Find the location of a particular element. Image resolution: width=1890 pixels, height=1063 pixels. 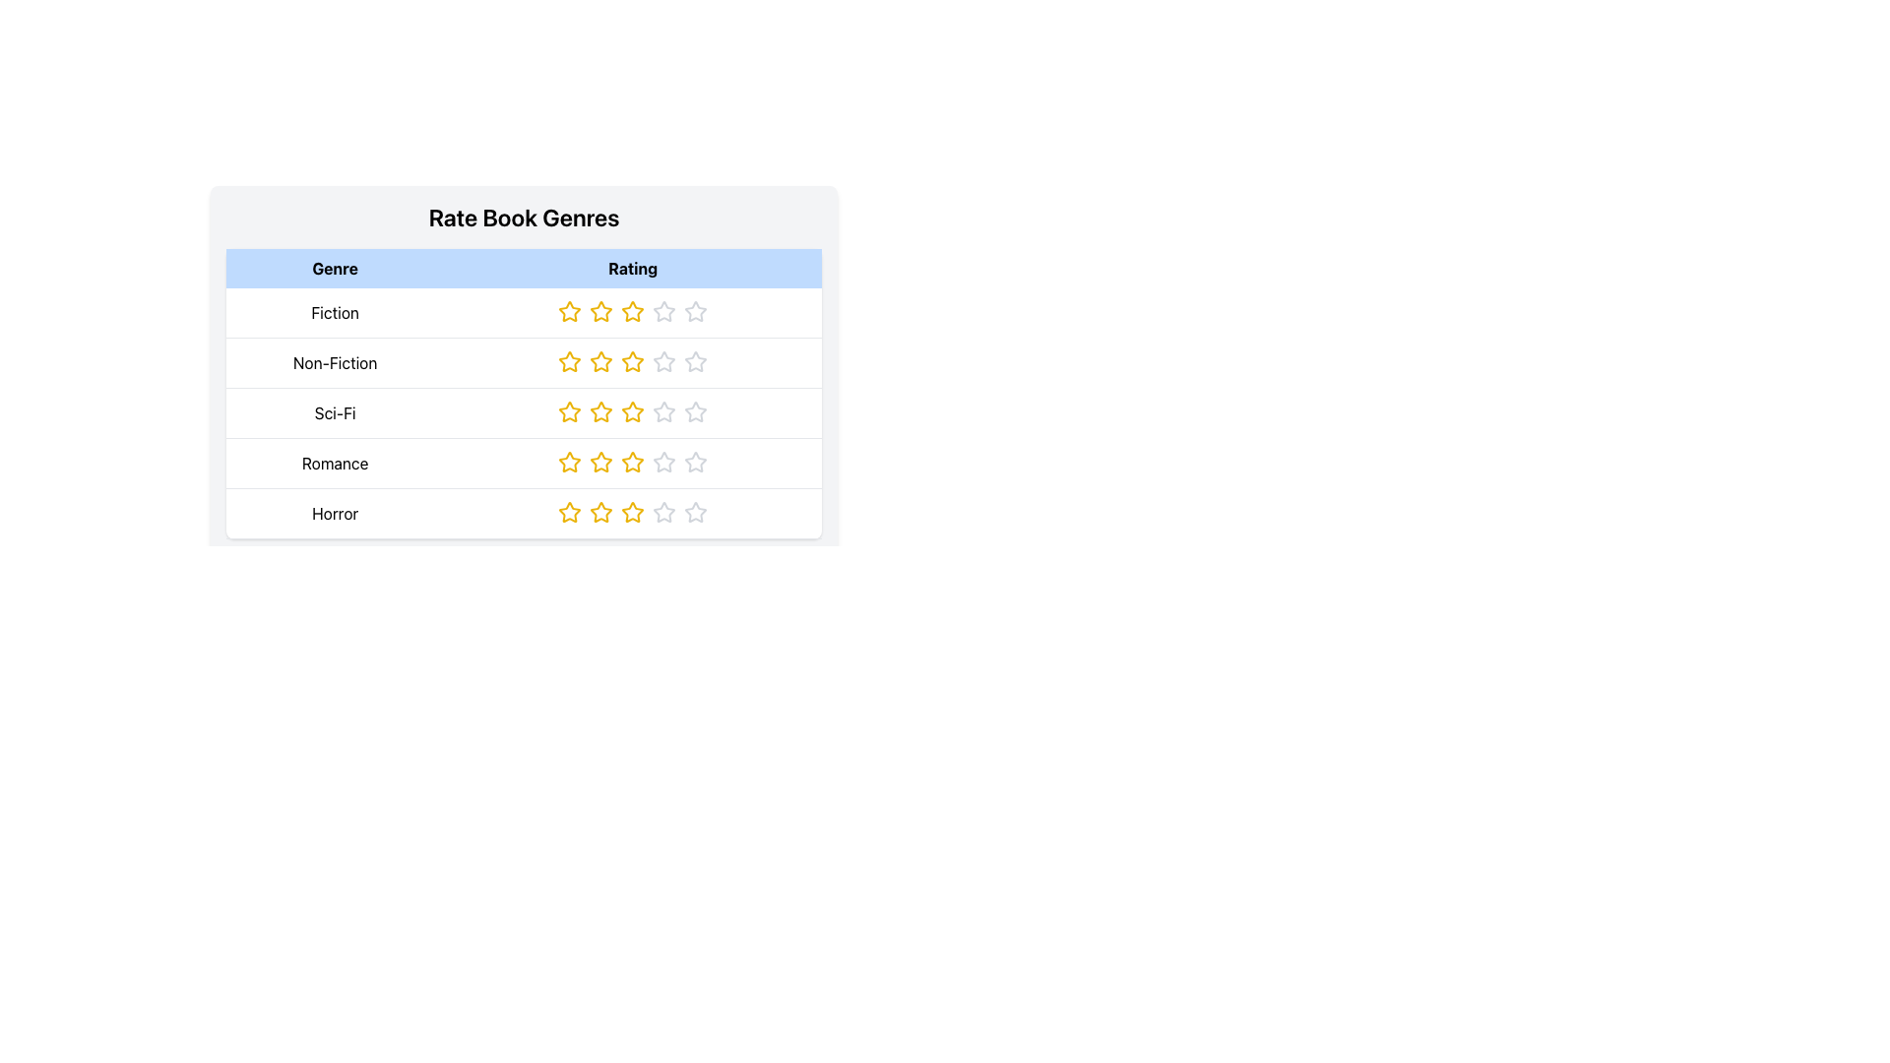

the first star-shaped SVG icon with a filled yellow border in the 'Rating' column of the 'Horror' row in the 'Rate Book Genres' table is located at coordinates (569, 511).